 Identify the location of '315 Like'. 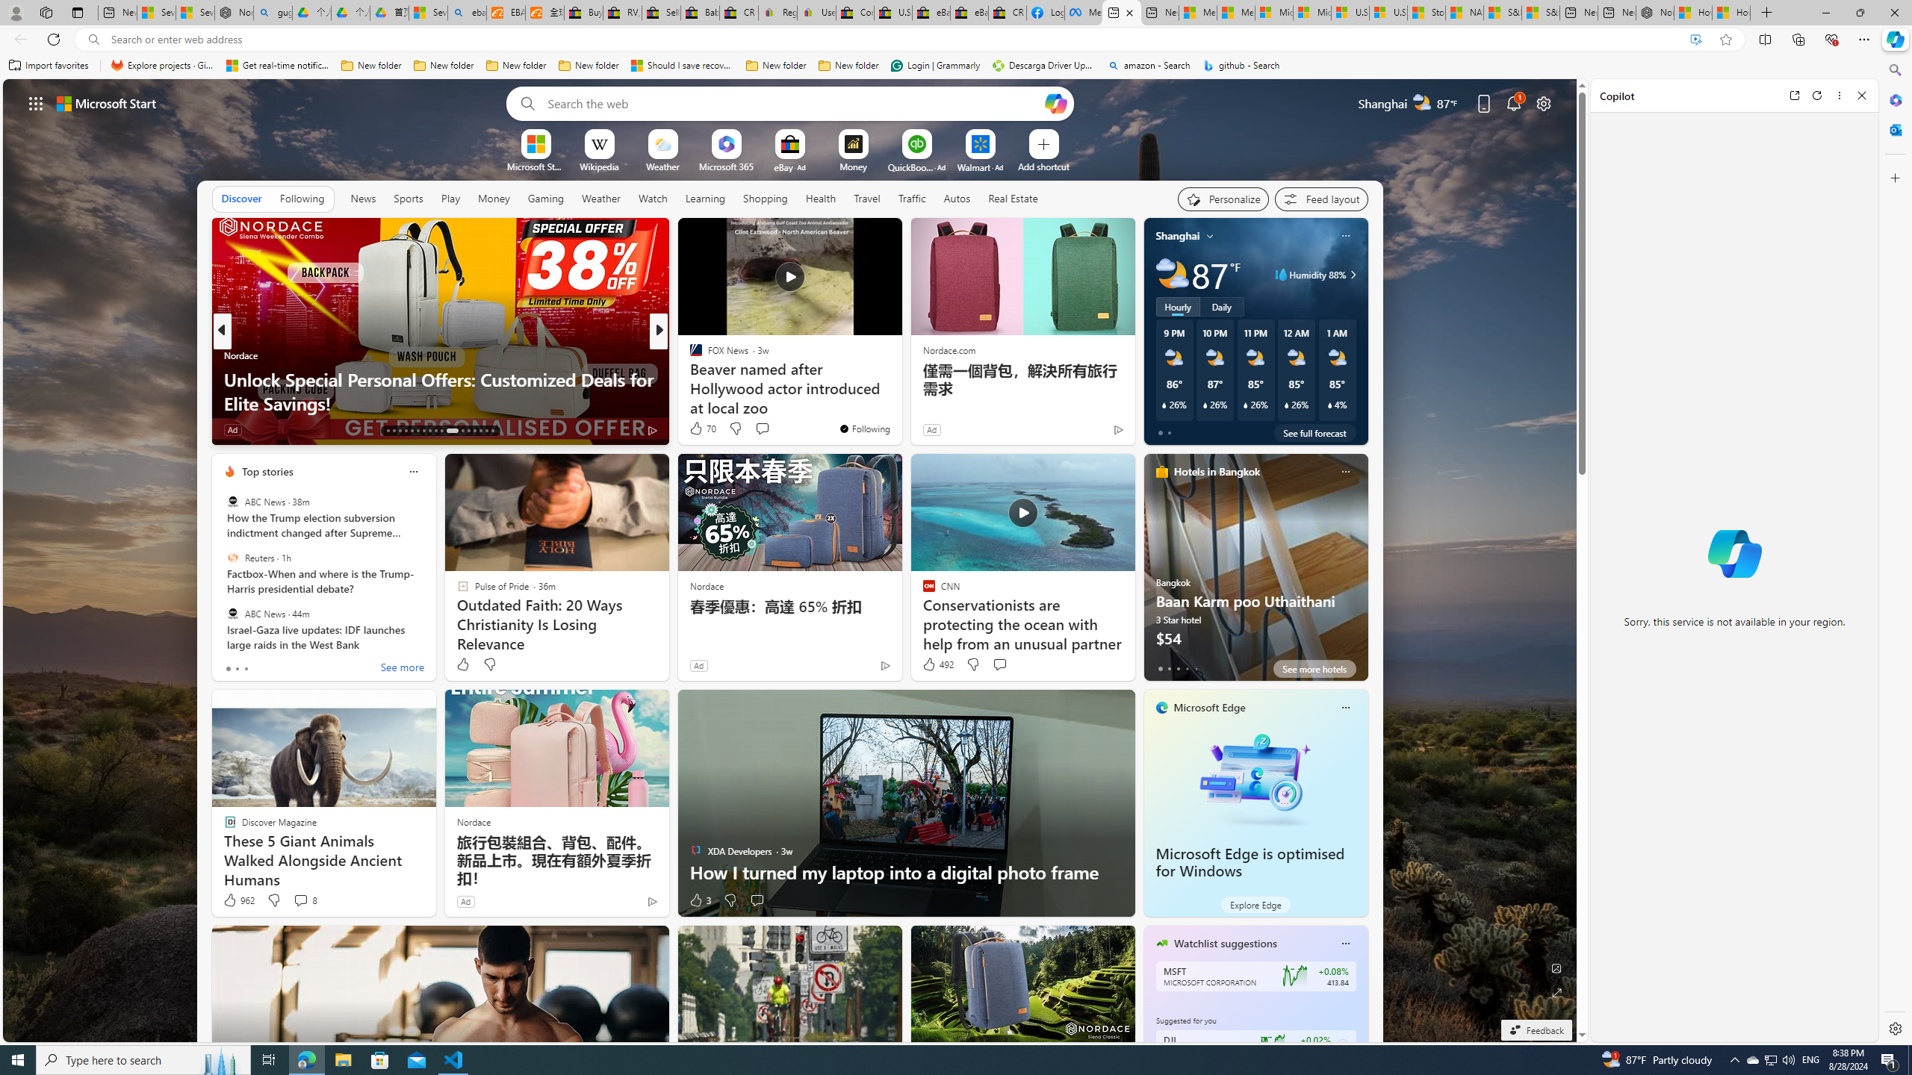
(698, 429).